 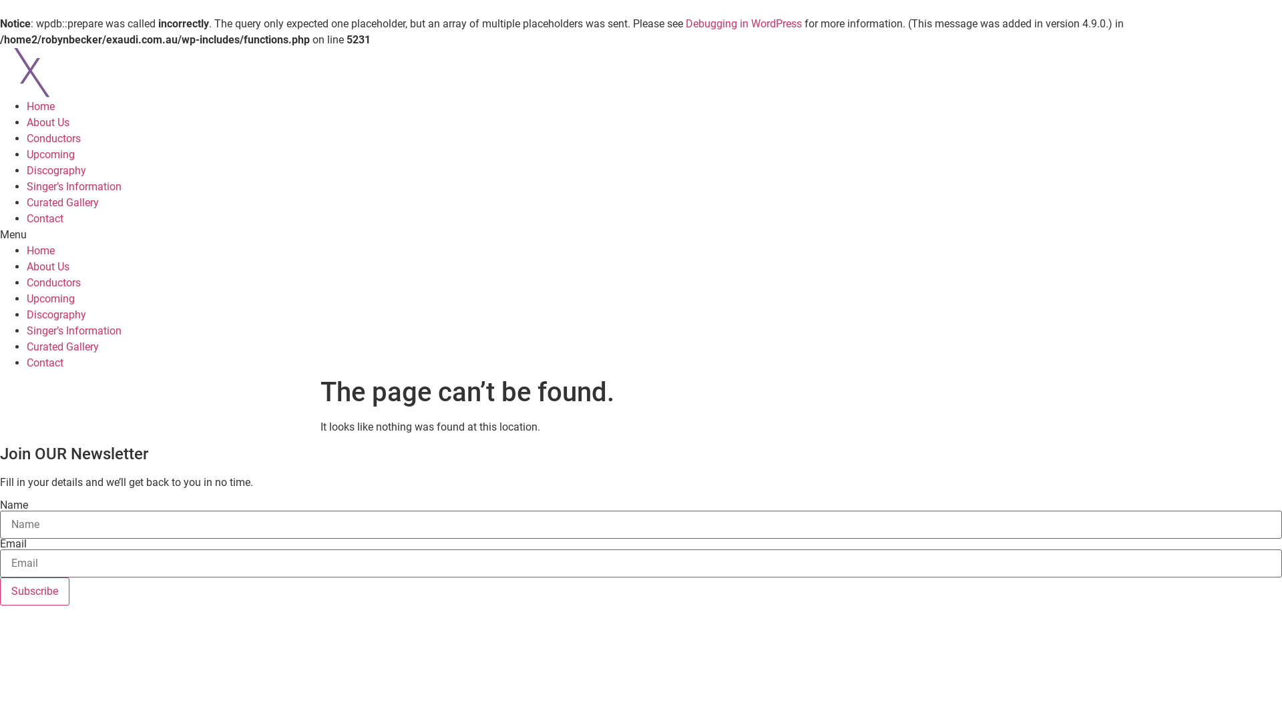 I want to click on 'Upcoming', so click(x=51, y=298).